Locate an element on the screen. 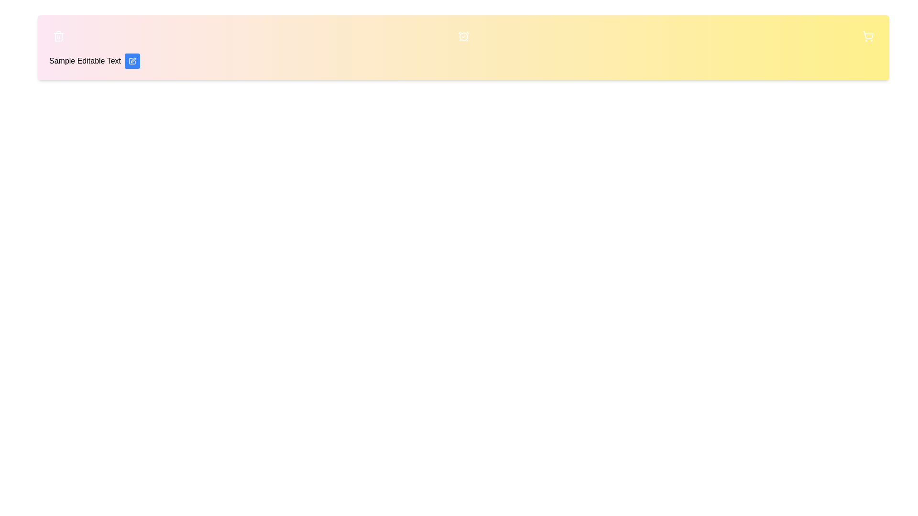  the pen-shaped icon with a blue background located near the text labeled 'Sample Editable Text.' is located at coordinates (132, 60).